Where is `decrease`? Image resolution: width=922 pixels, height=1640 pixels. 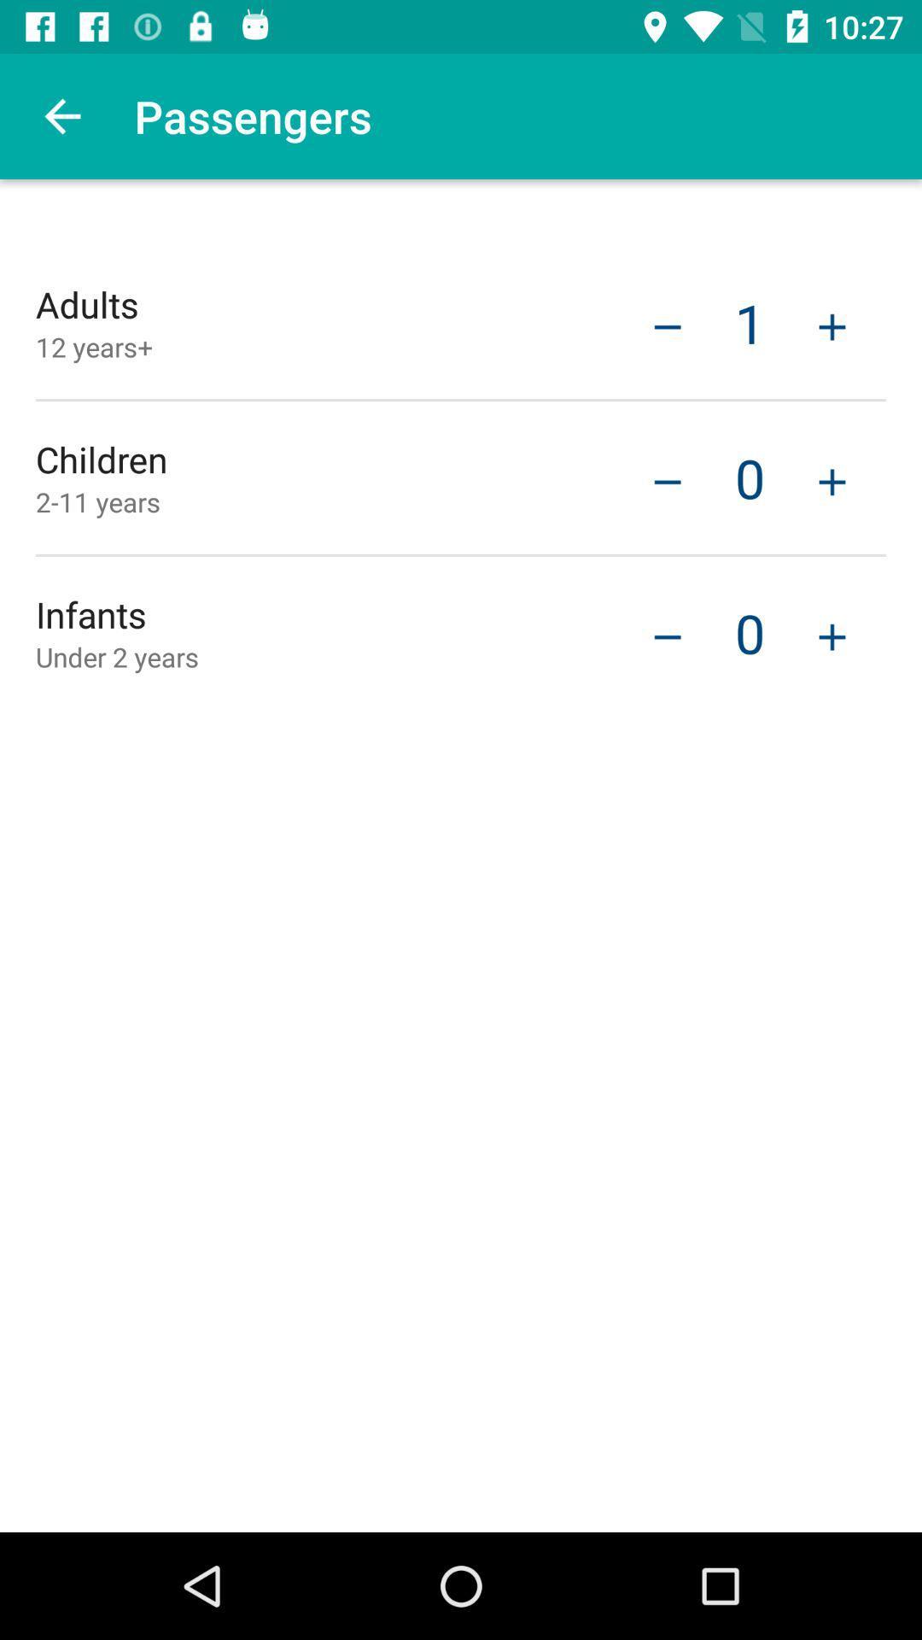
decrease is located at coordinates (667, 325).